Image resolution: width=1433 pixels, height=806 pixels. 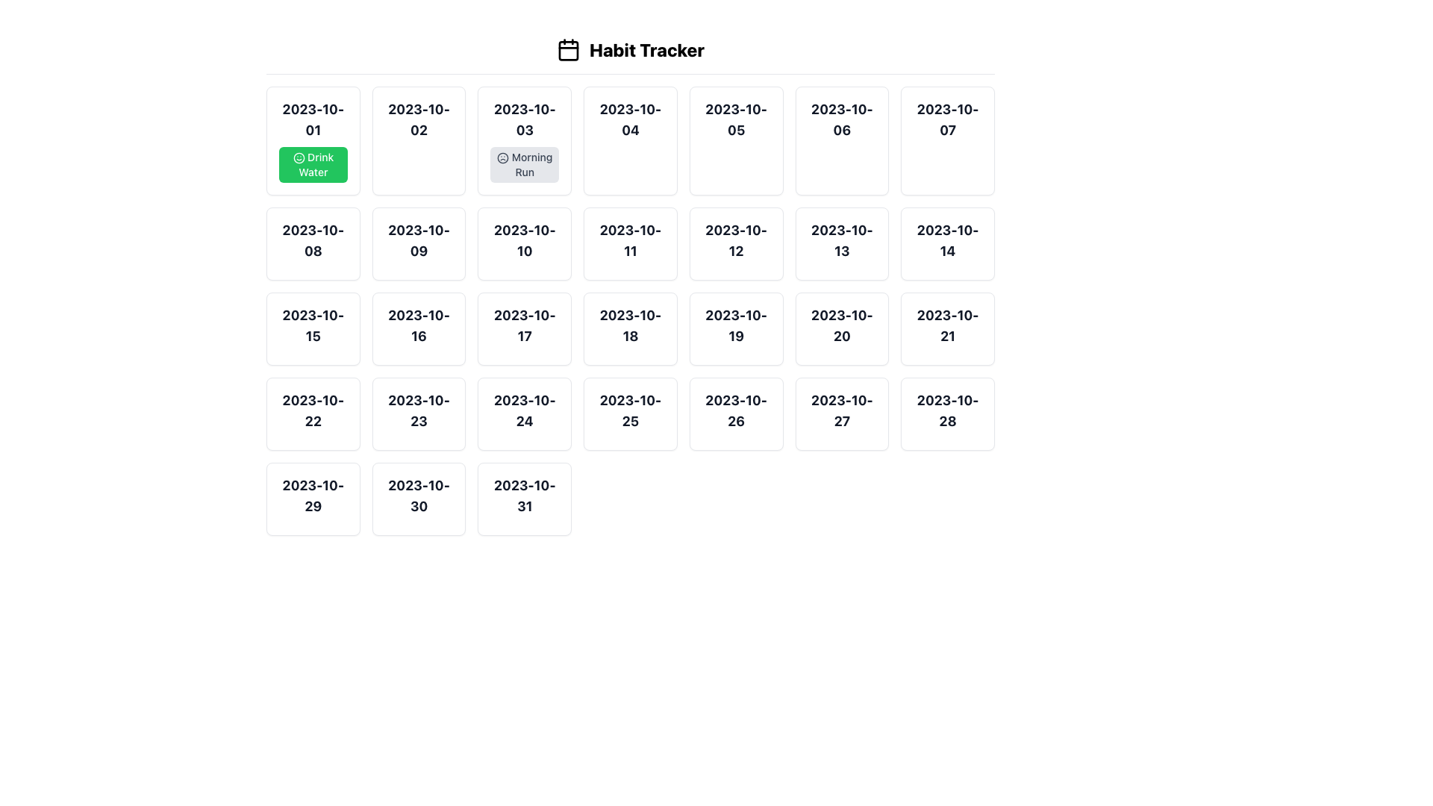 I want to click on the Date display card representing October 30, 2023, located at the bottom-right of the calendar interface, so click(x=418, y=499).